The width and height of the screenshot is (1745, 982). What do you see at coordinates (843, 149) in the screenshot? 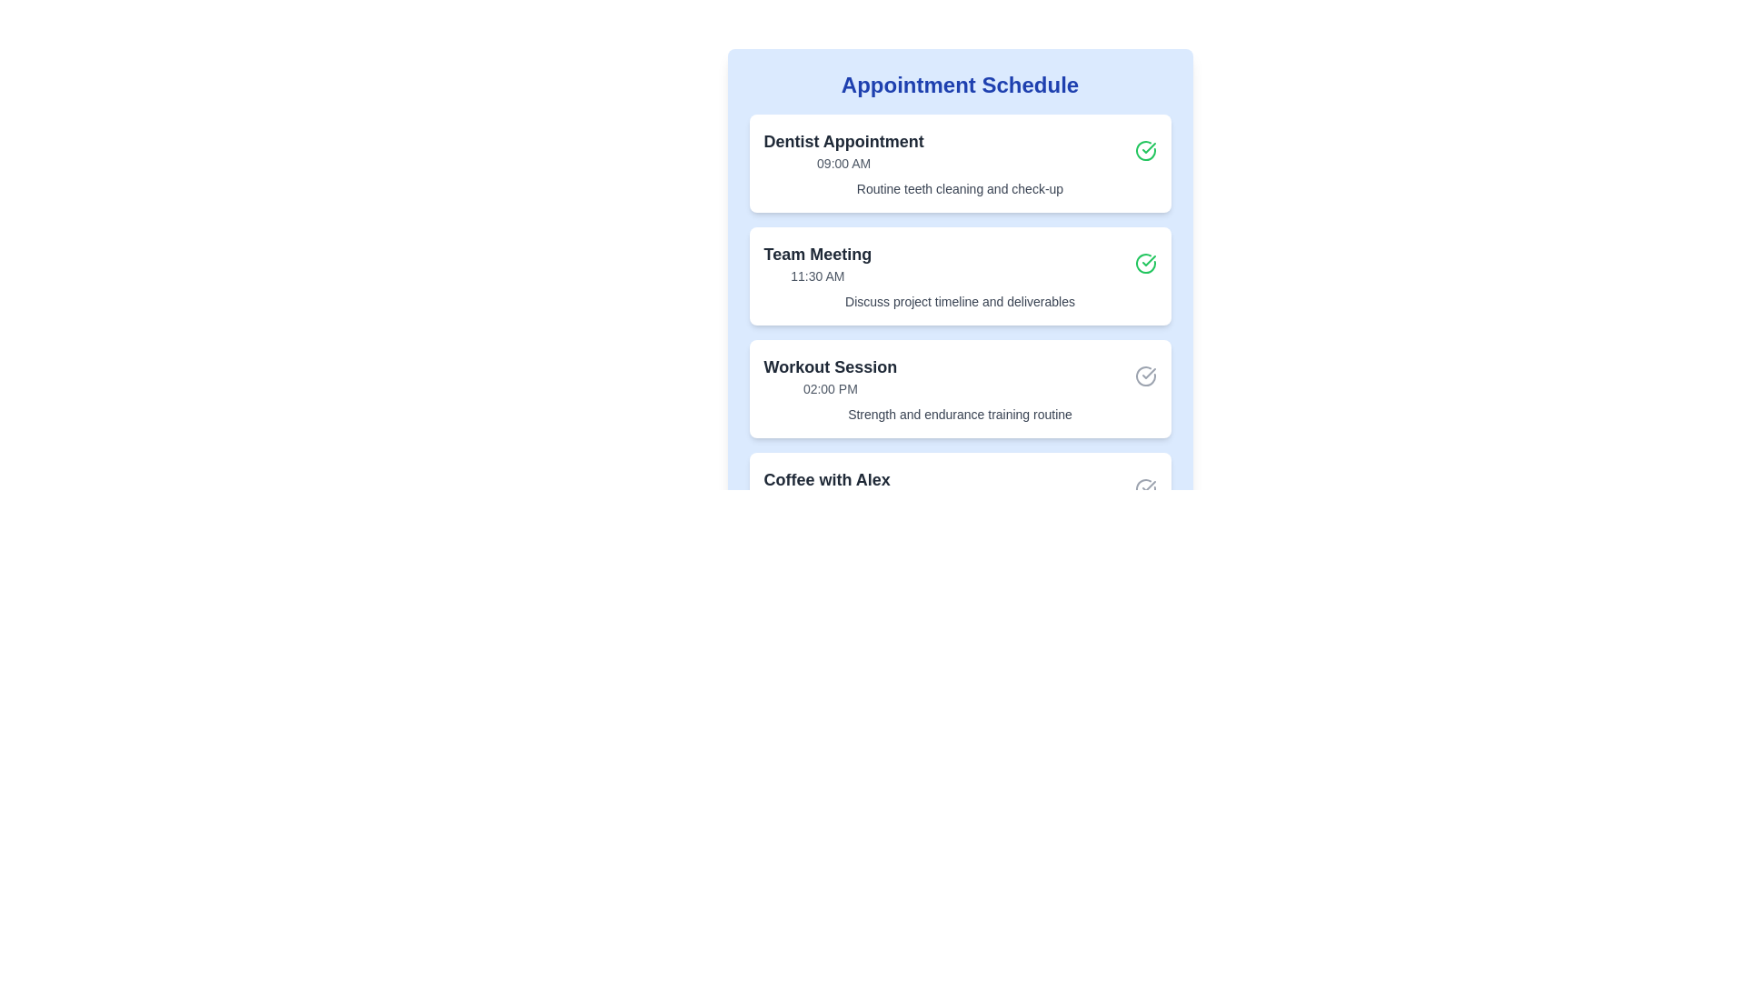
I see `the list item entry displaying 'Dentist Appointment' with the time '09:00 AM'` at bounding box center [843, 149].